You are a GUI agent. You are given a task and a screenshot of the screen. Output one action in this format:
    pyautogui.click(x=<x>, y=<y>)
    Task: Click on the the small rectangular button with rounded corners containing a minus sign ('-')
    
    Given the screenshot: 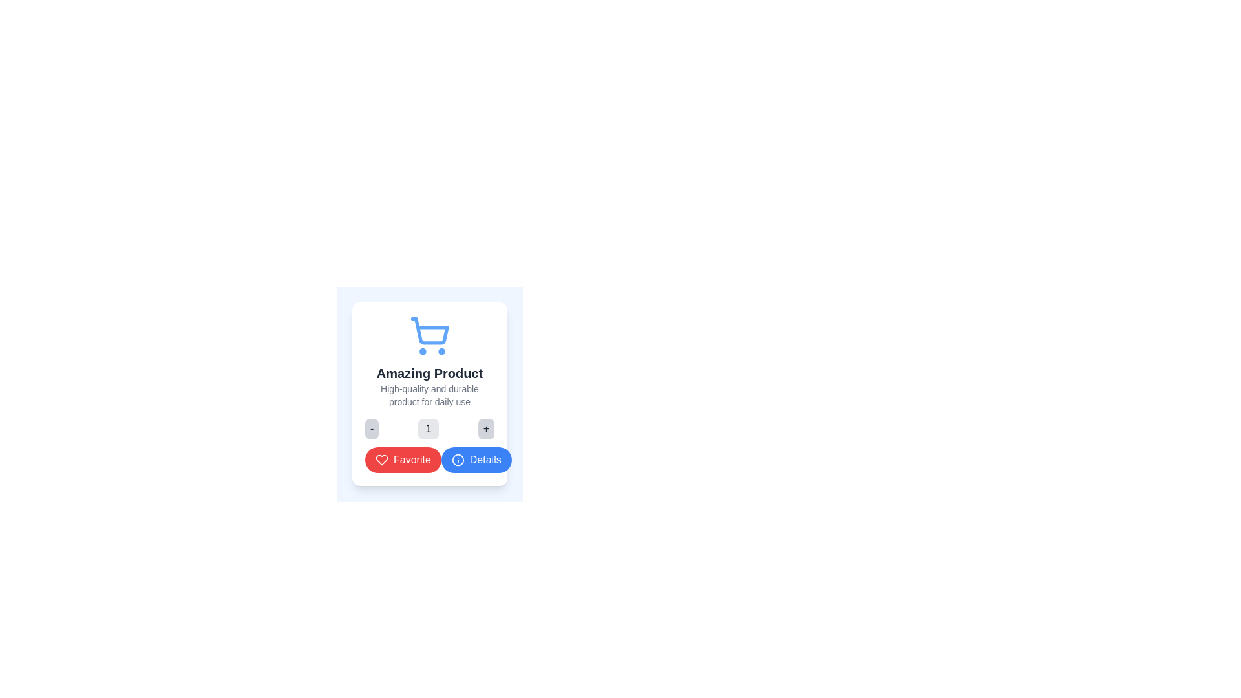 What is the action you would take?
    pyautogui.click(x=371, y=428)
    